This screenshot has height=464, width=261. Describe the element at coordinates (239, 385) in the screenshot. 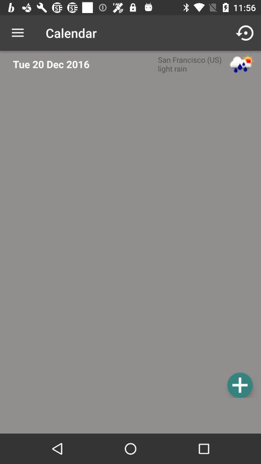

I see `the icon at the bottom right corner` at that location.